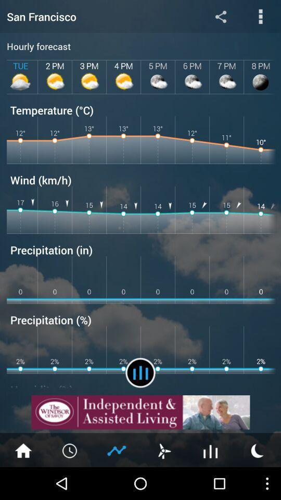  Describe the element at coordinates (23, 449) in the screenshot. I see `homepage` at that location.